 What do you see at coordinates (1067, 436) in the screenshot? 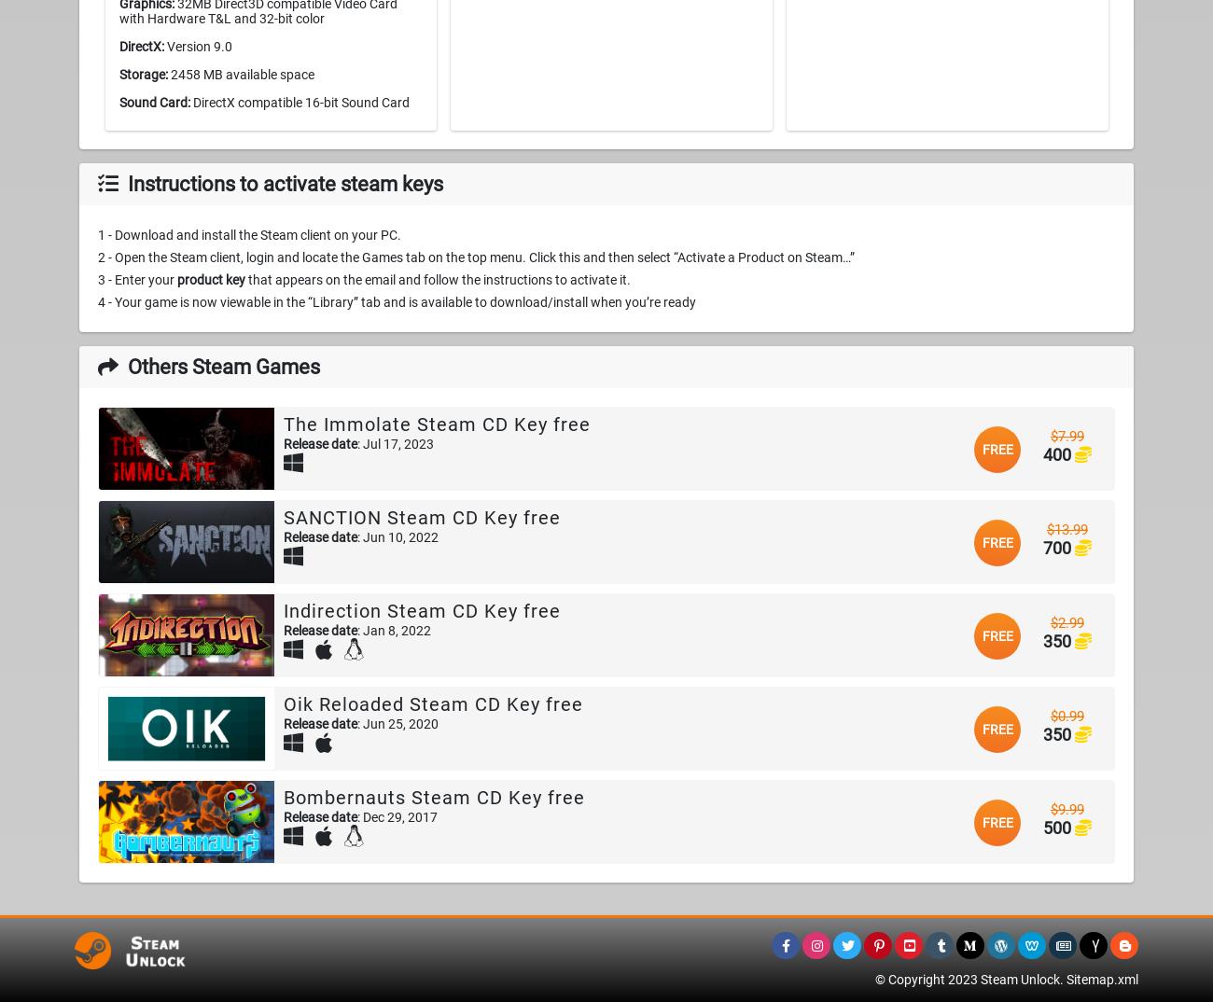
I see `'$7.99'` at bounding box center [1067, 436].